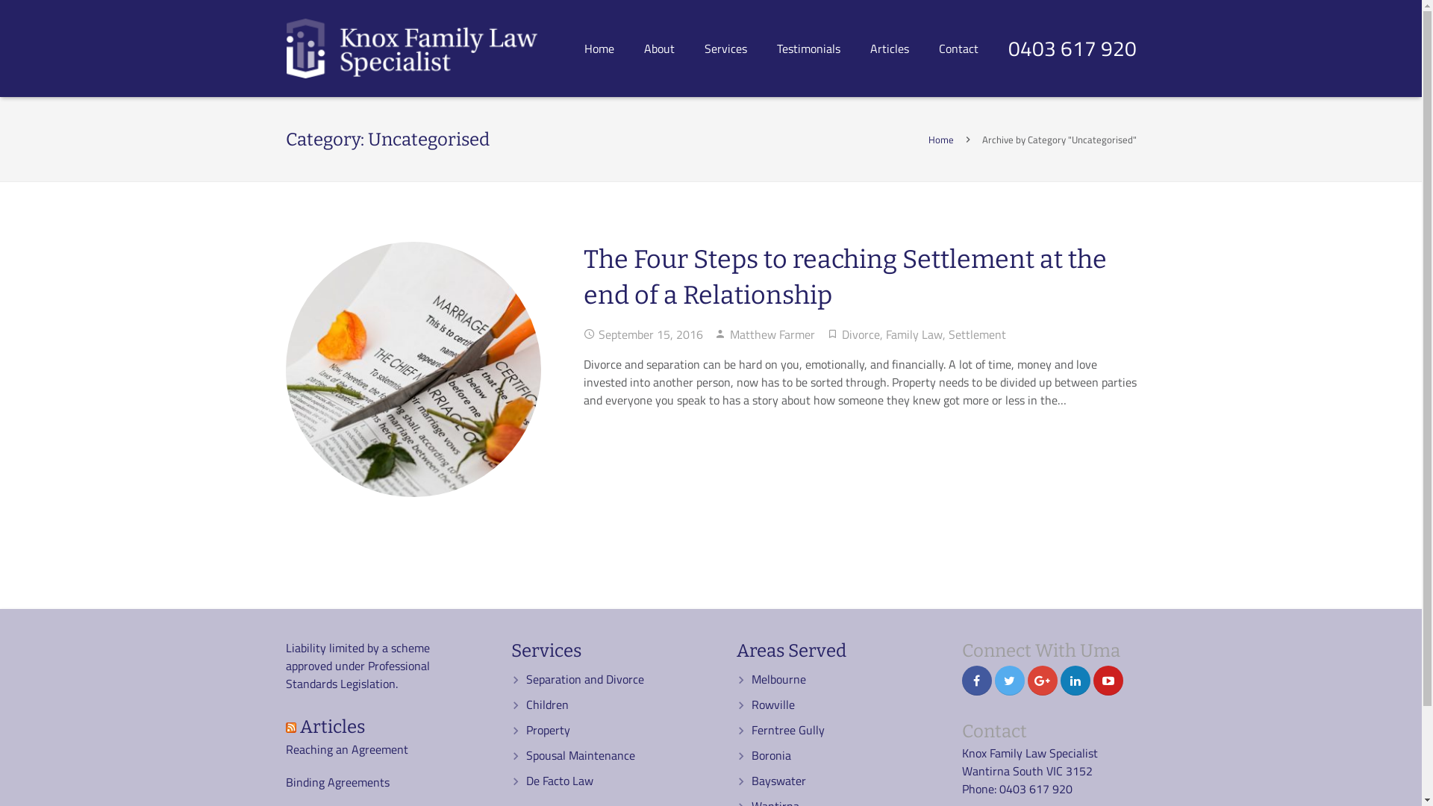 This screenshot has width=1433, height=806. What do you see at coordinates (772, 333) in the screenshot?
I see `'Matthew Farmer'` at bounding box center [772, 333].